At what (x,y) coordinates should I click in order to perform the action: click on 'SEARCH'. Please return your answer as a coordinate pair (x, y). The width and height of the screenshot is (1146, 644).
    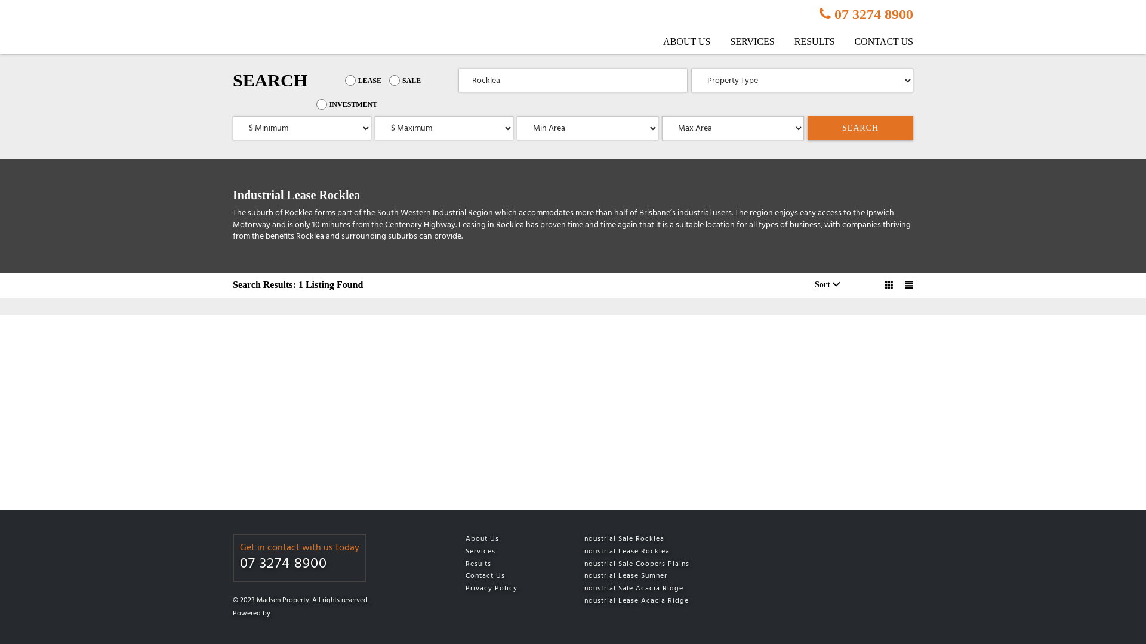
    Looking at the image, I should click on (860, 128).